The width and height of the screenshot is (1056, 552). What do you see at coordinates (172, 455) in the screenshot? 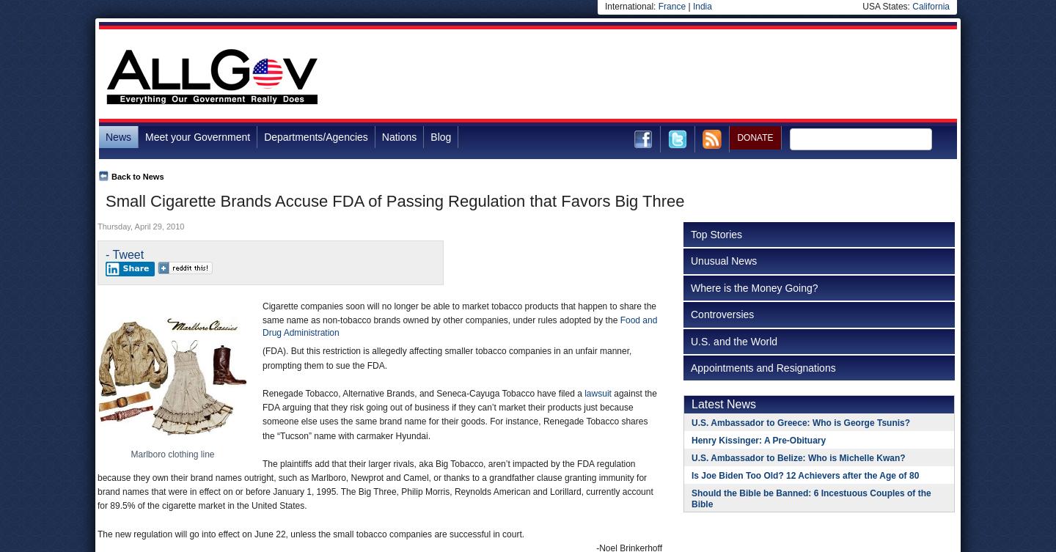
I see `'Marlboro clothing line'` at bounding box center [172, 455].